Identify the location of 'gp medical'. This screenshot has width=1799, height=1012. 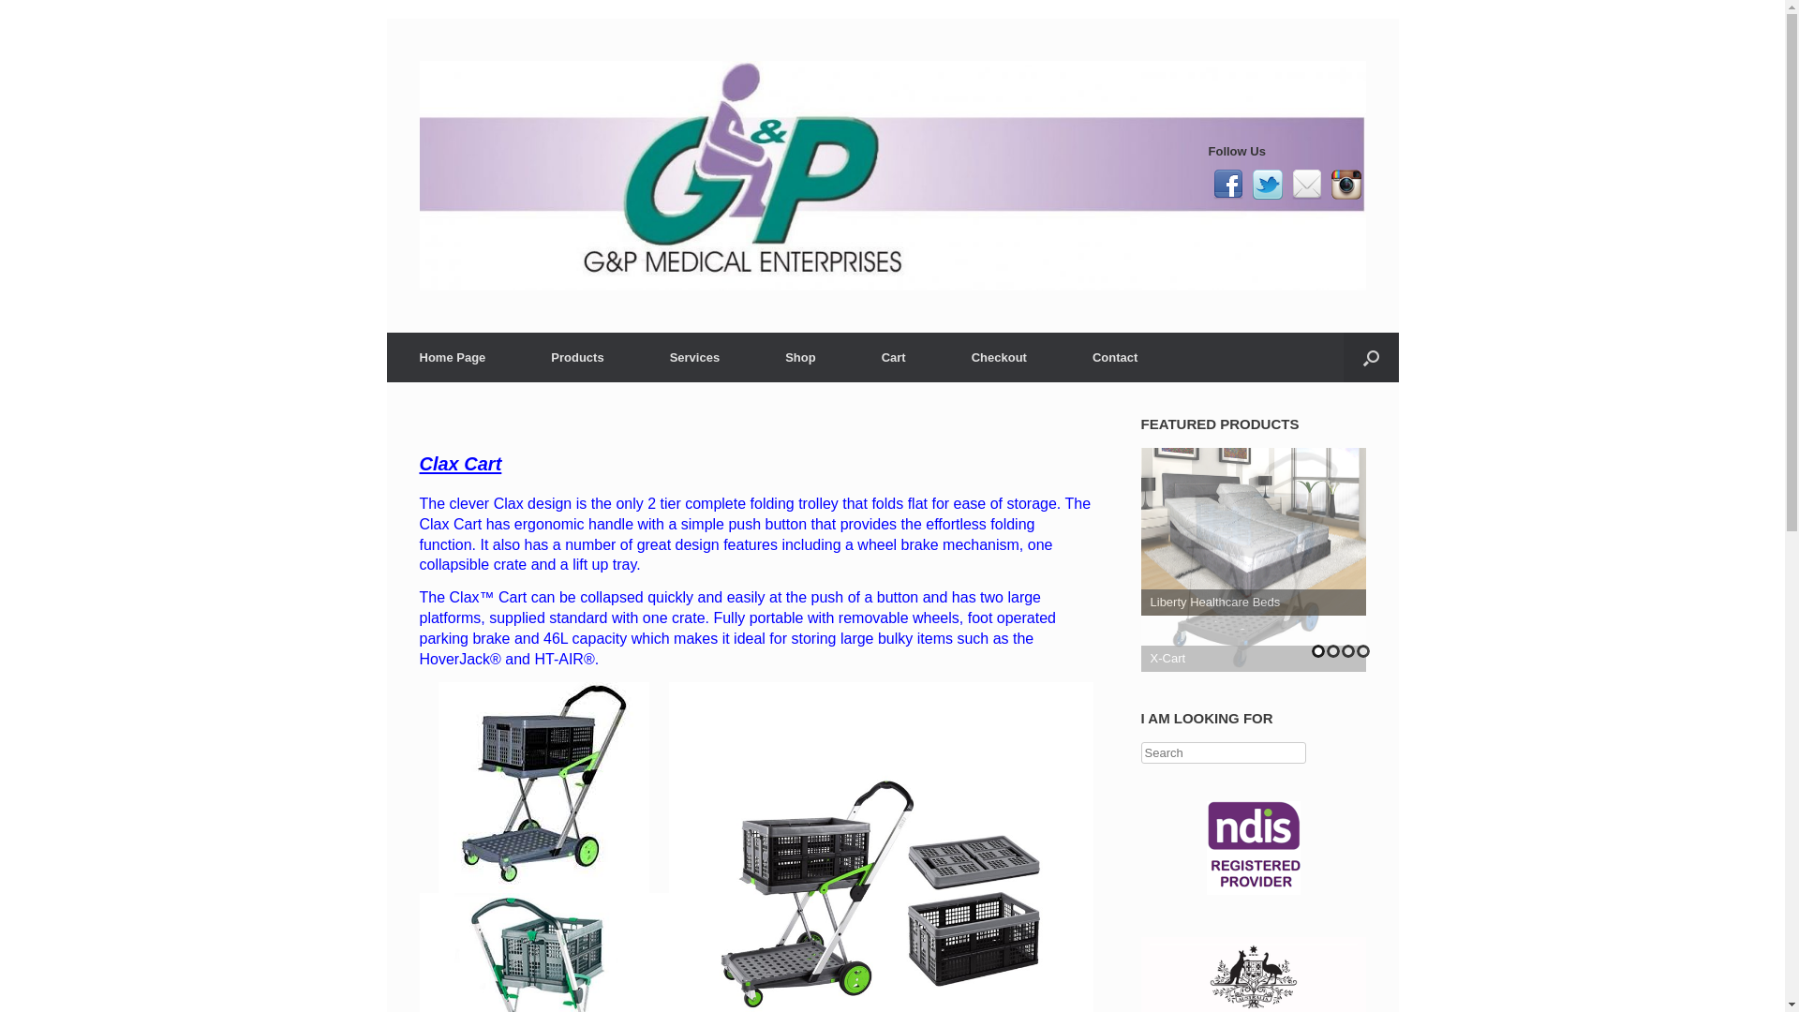
(892, 175).